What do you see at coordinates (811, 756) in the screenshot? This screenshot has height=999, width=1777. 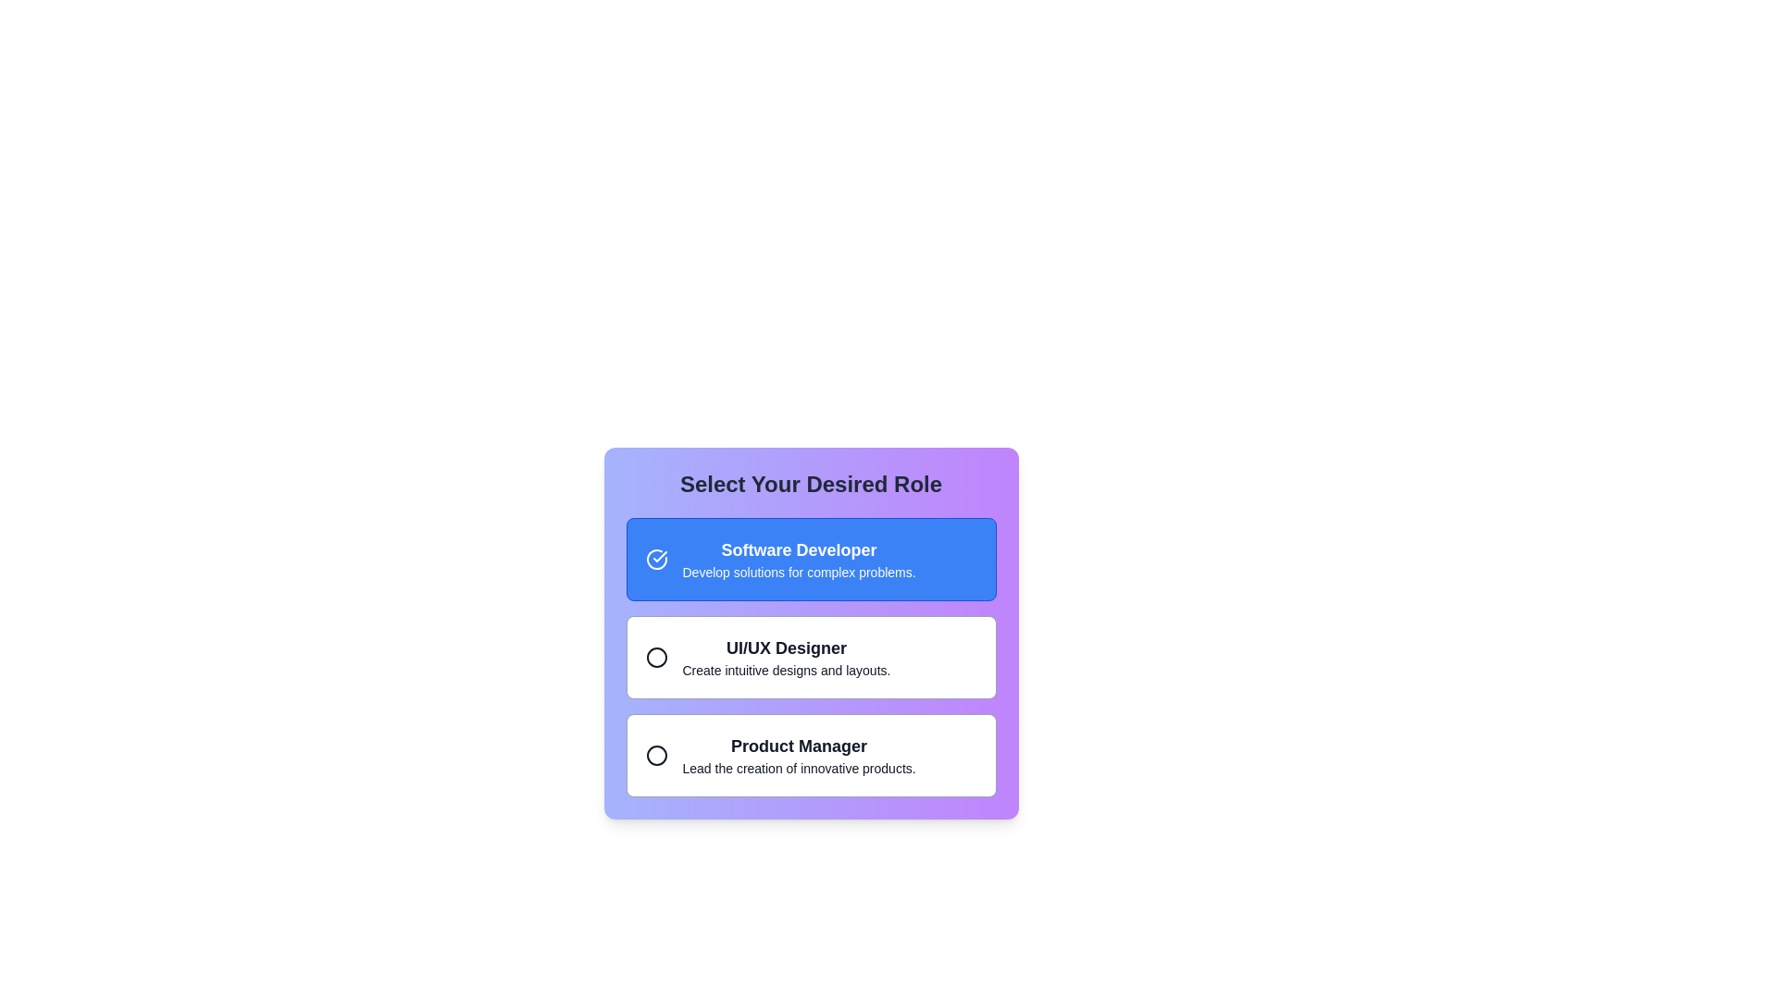 I see `the interactive selector for the 'Product Manager' option` at bounding box center [811, 756].